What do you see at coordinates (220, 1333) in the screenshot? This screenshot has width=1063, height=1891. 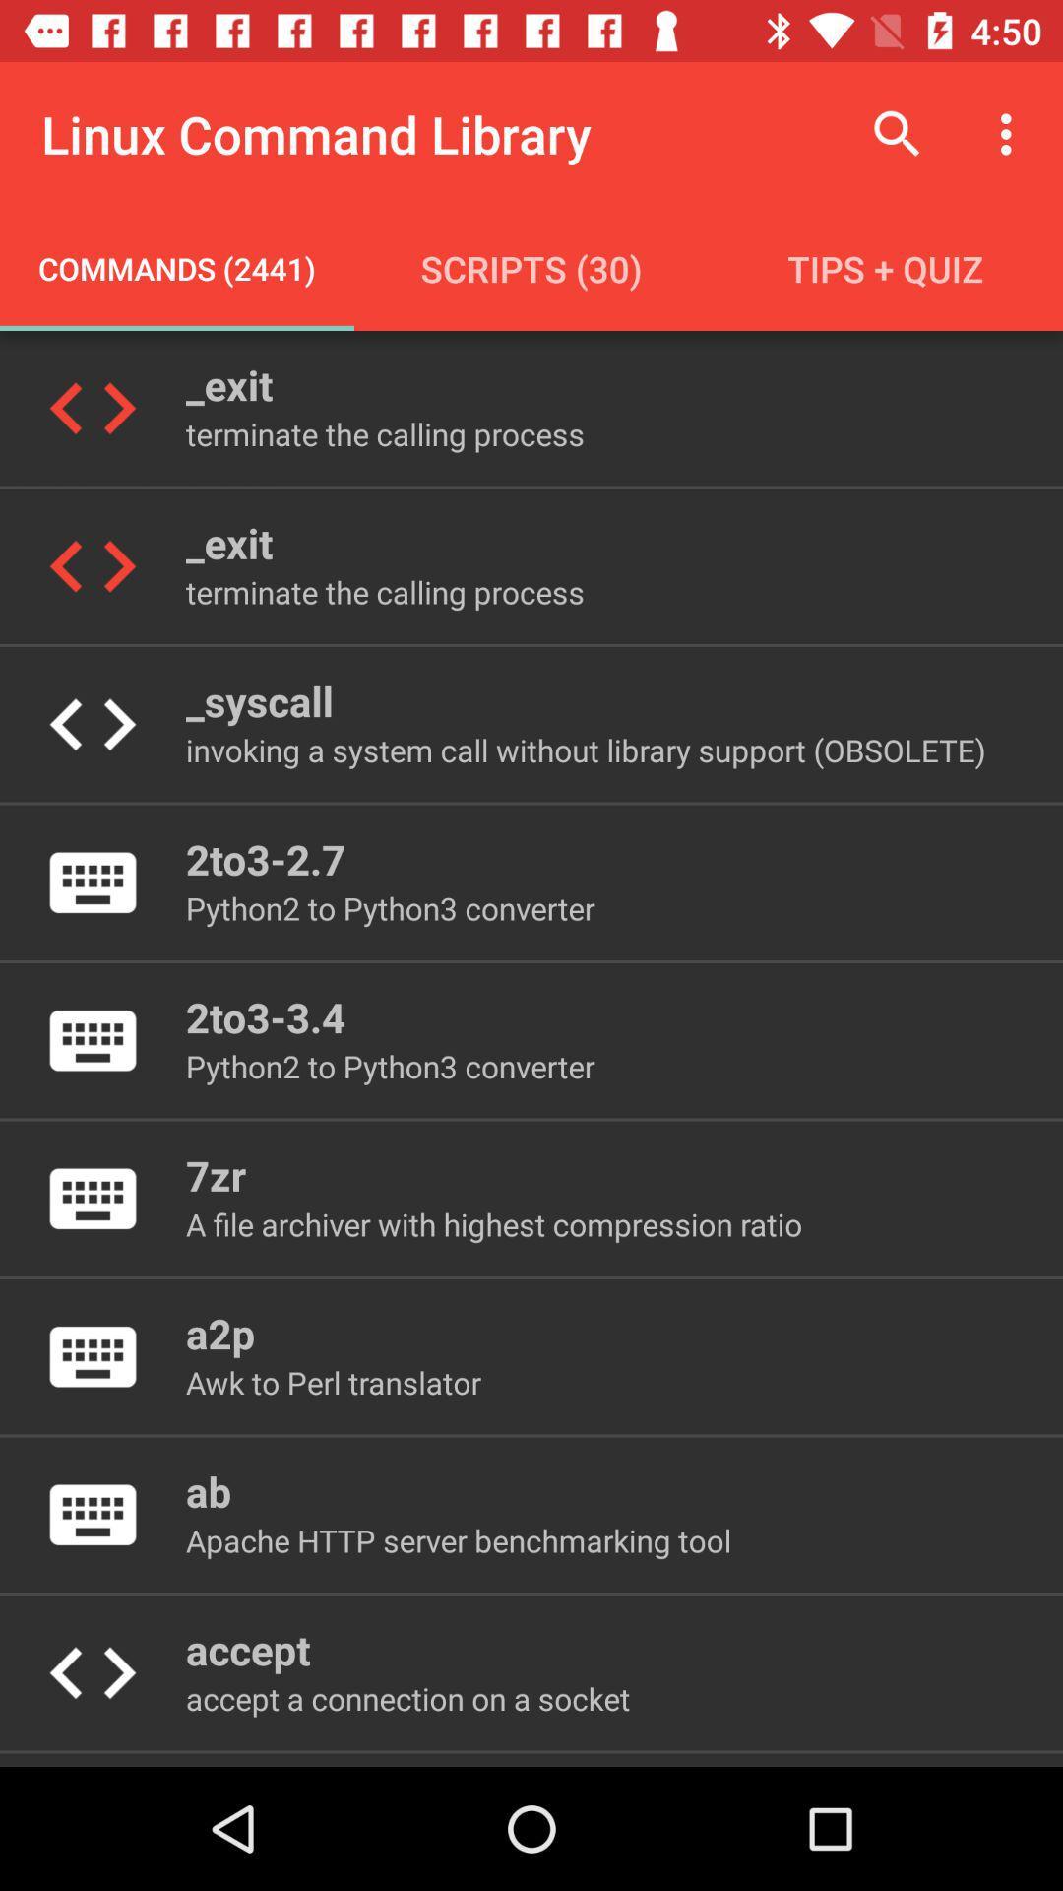 I see `item below a file archiver item` at bounding box center [220, 1333].